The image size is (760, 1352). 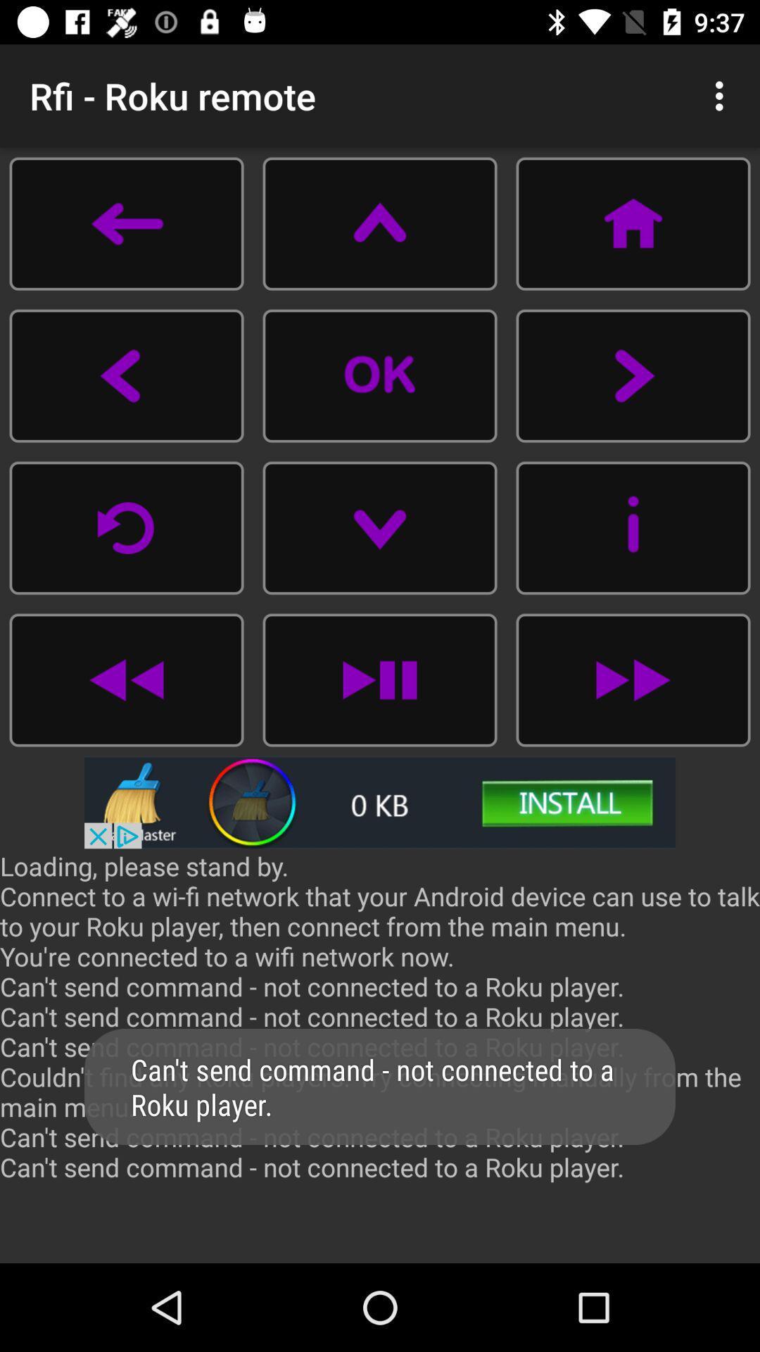 I want to click on the arrow_forward icon, so click(x=632, y=375).